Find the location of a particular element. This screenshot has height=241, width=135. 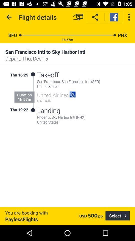

phoenix sky harbor icon is located at coordinates (83, 117).